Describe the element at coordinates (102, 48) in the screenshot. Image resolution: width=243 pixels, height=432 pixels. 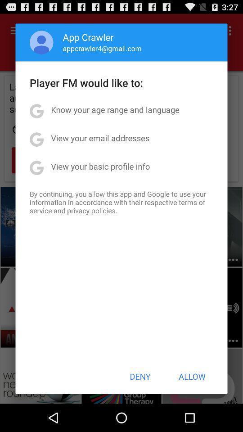
I see `the item above player fm would icon` at that location.